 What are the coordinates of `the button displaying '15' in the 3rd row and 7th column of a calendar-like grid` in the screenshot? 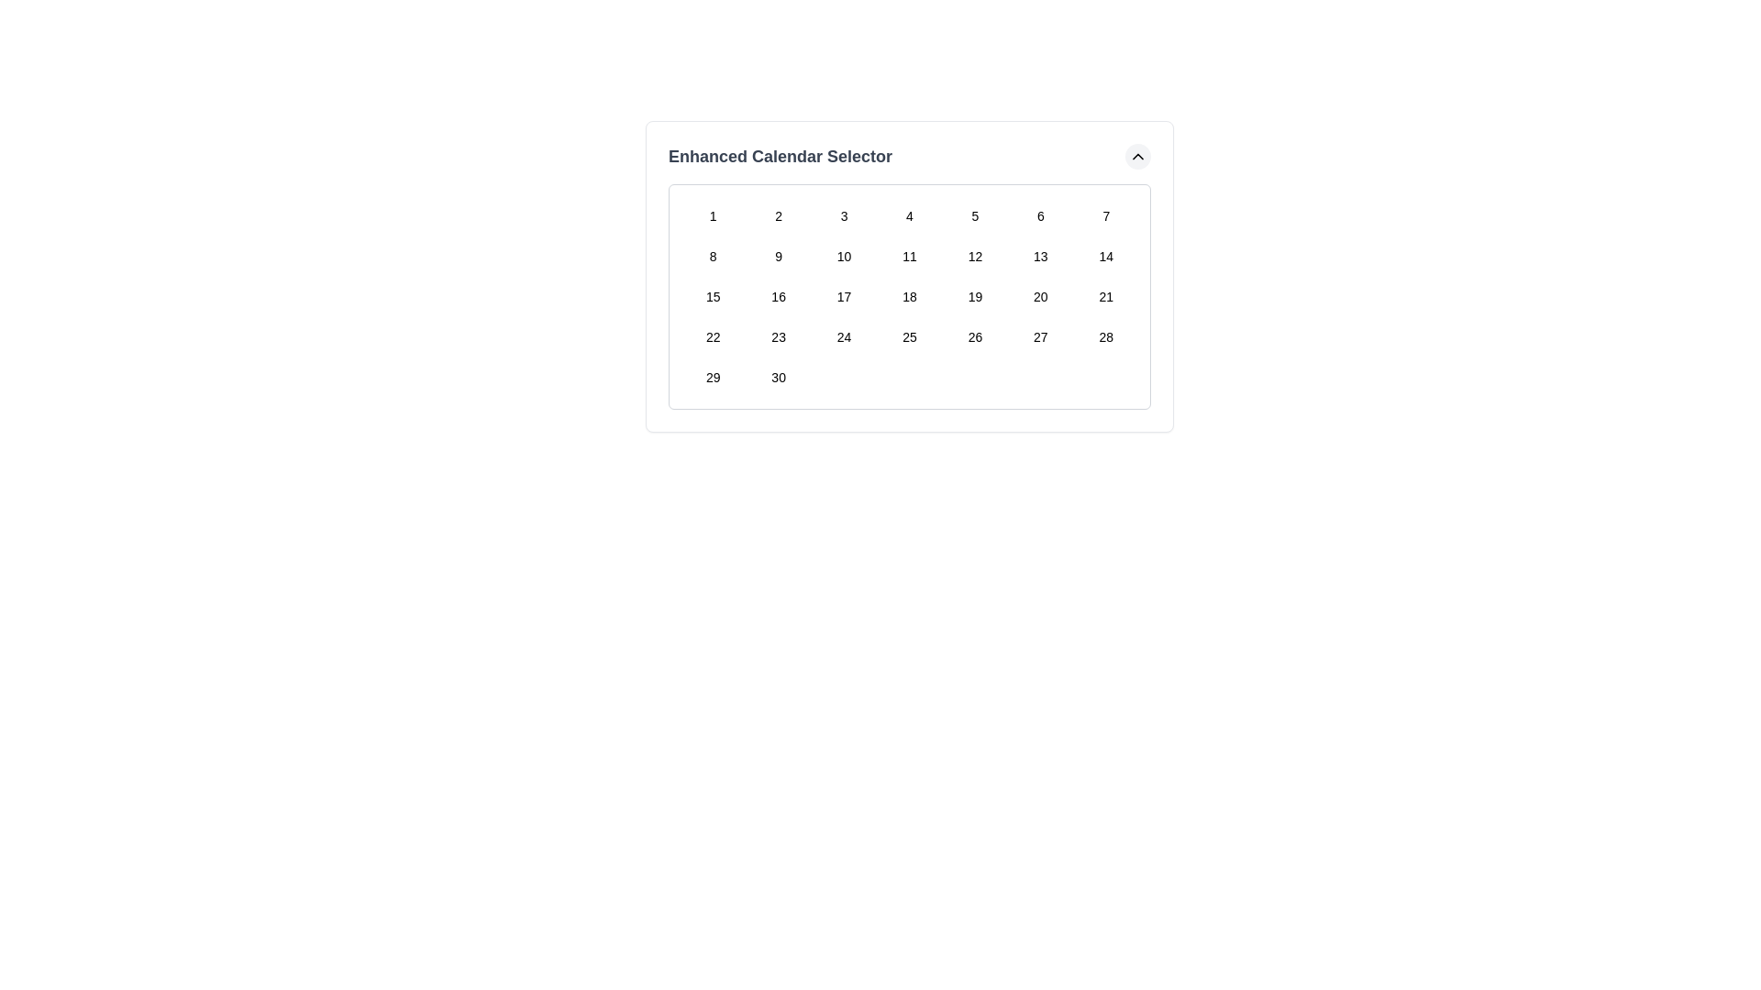 It's located at (712, 296).